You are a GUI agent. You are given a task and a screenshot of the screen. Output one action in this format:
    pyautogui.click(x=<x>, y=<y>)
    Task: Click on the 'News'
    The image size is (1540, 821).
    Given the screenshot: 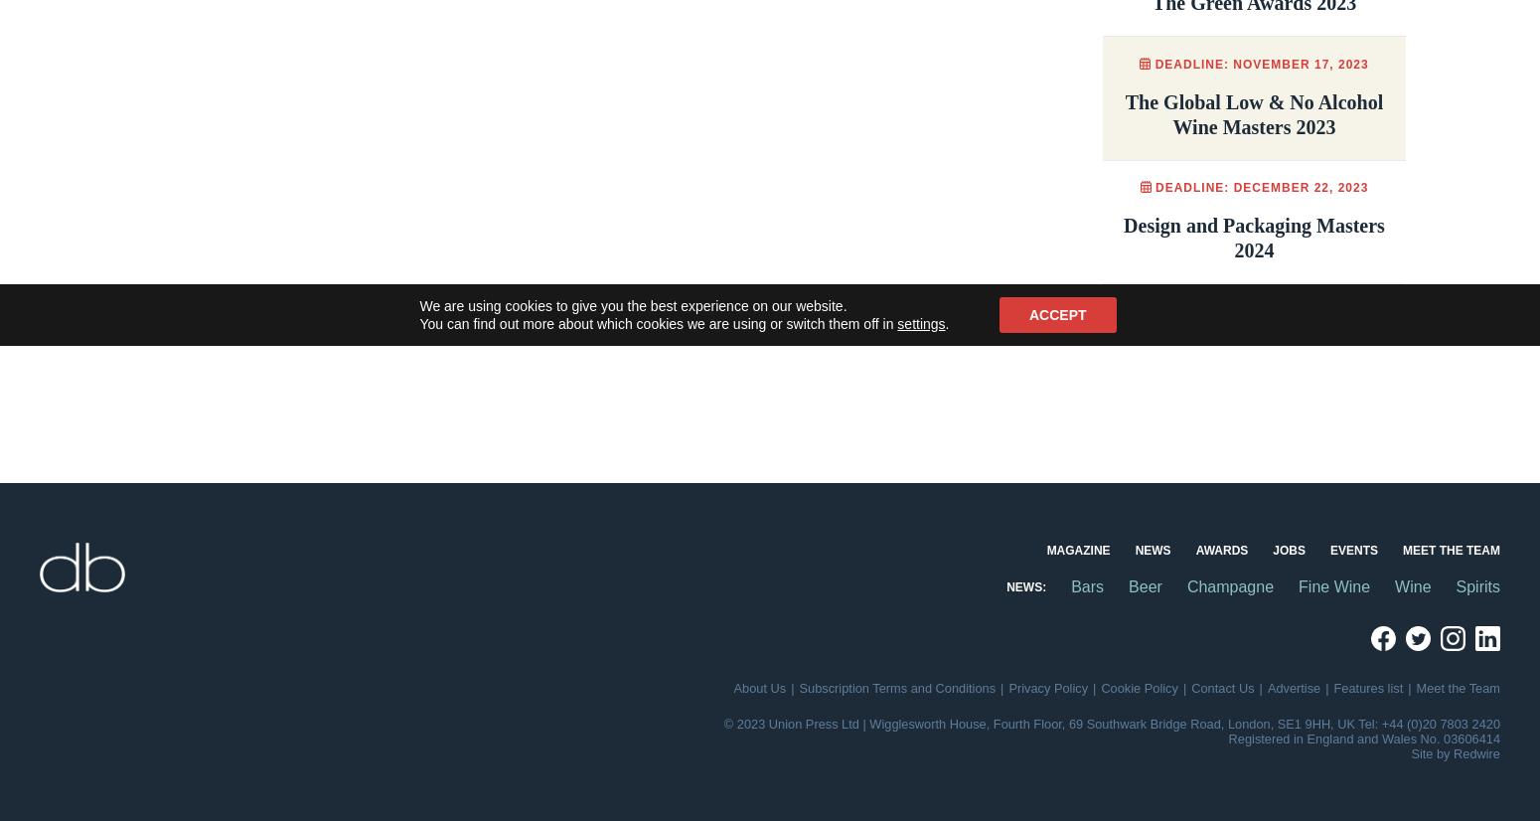 What is the action you would take?
    pyautogui.click(x=1152, y=550)
    